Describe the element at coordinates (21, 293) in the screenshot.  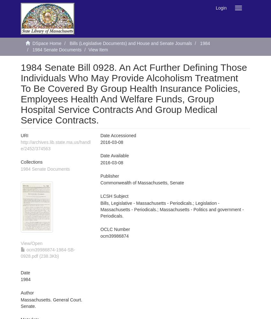
I see `'Author'` at that location.